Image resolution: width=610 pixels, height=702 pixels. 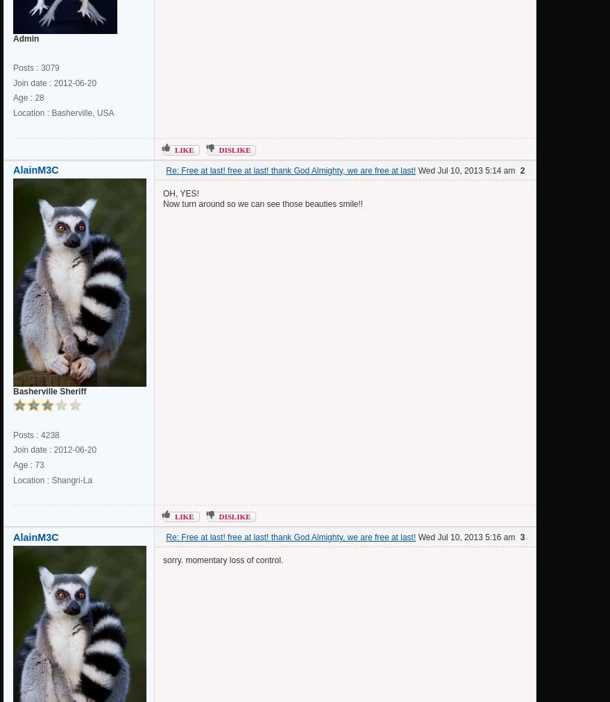 I want to click on '4238', so click(x=49, y=435).